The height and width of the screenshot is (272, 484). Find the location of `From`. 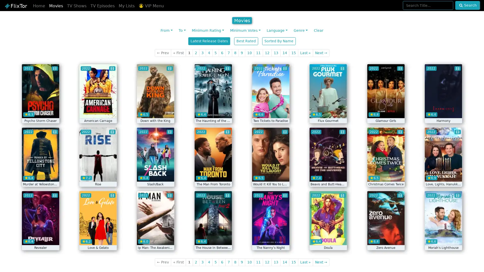

From is located at coordinates (167, 30).